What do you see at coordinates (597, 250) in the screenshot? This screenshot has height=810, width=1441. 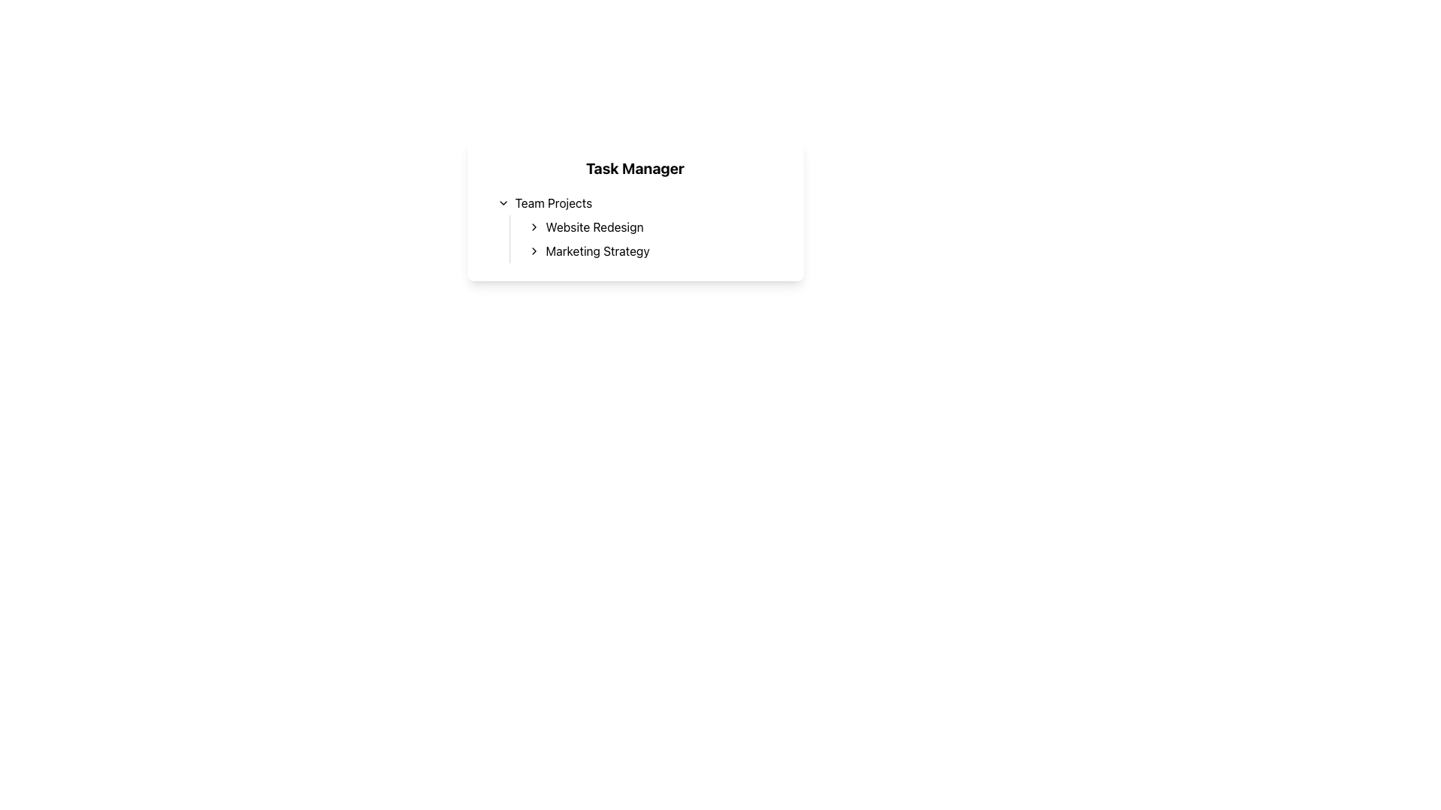 I see `the 'Marketing Strategy' text label located in the 'Team Projects' section under the 'Task Manager' header` at bounding box center [597, 250].